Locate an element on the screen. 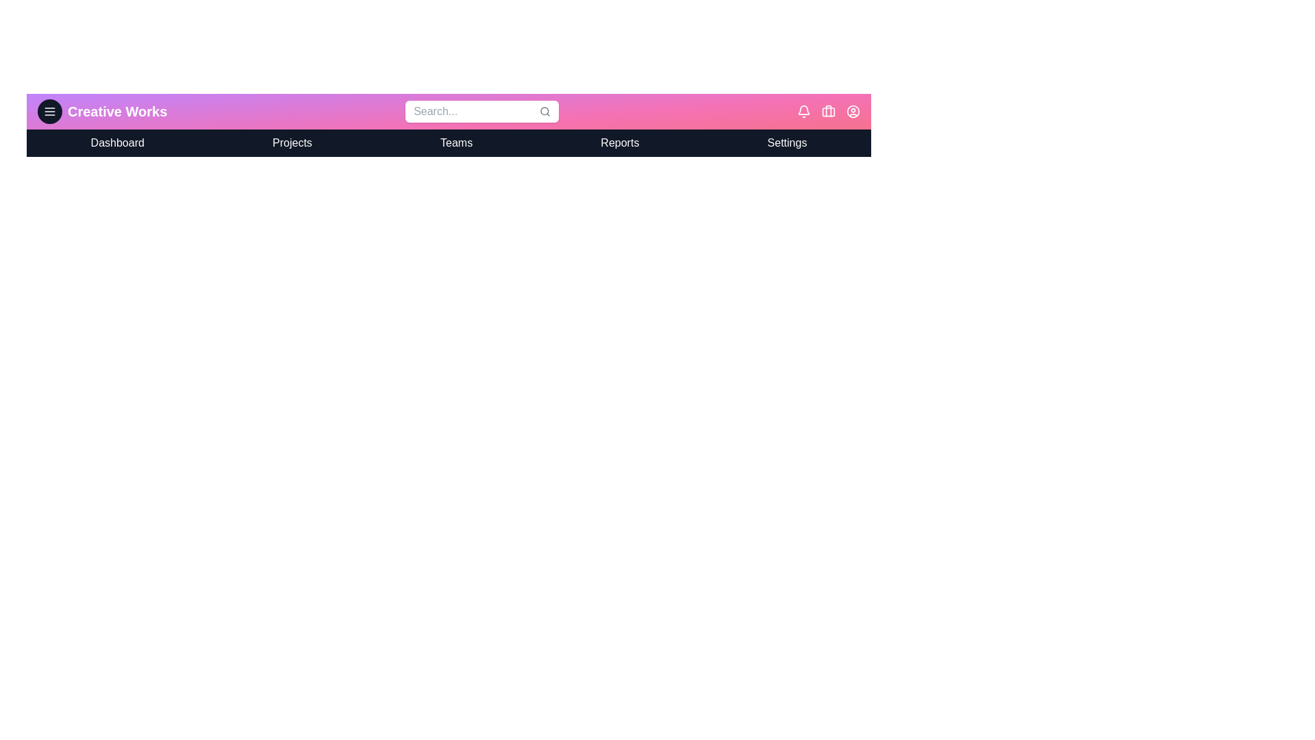 The height and width of the screenshot is (740, 1315). the briefcase icon to access related functionalities is located at coordinates (827, 110).